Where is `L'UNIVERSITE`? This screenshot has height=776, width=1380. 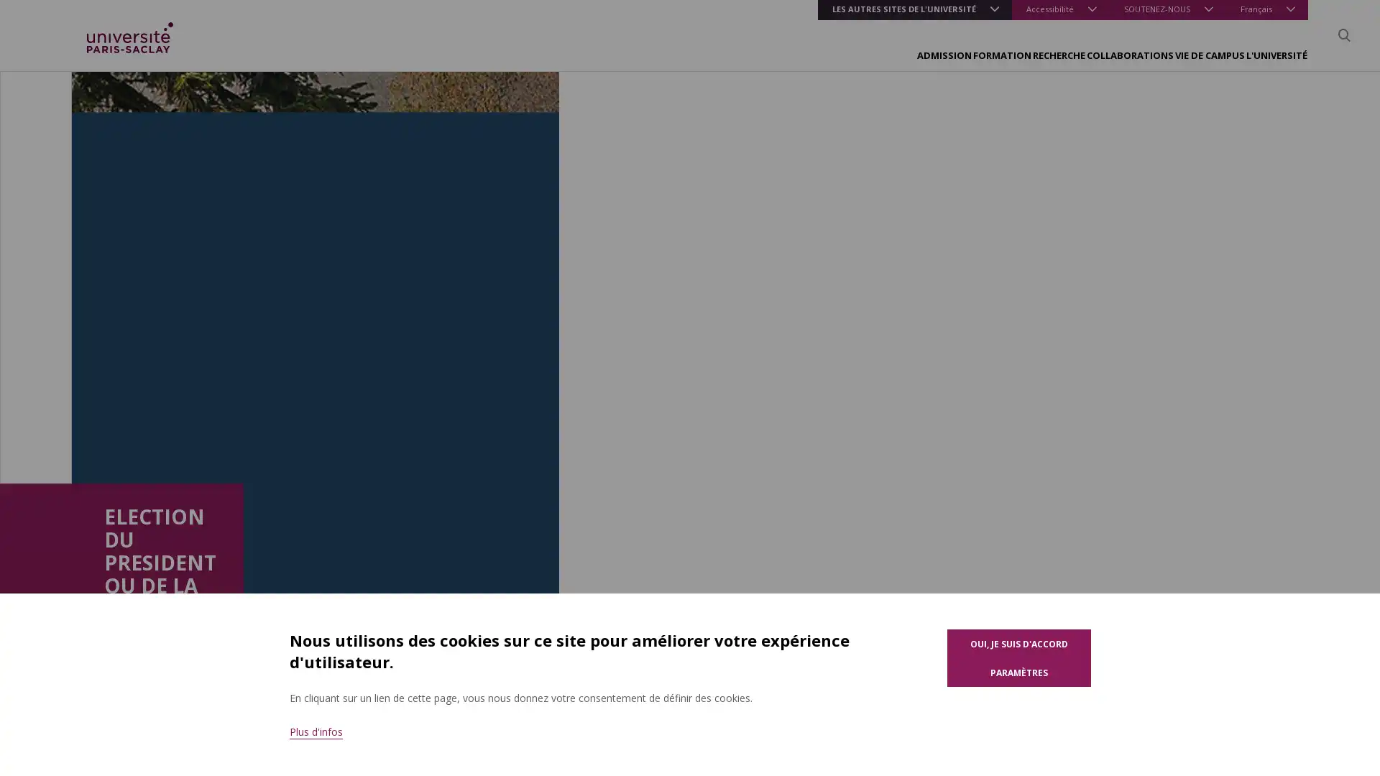 L'UNIVERSITE is located at coordinates (1255, 49).